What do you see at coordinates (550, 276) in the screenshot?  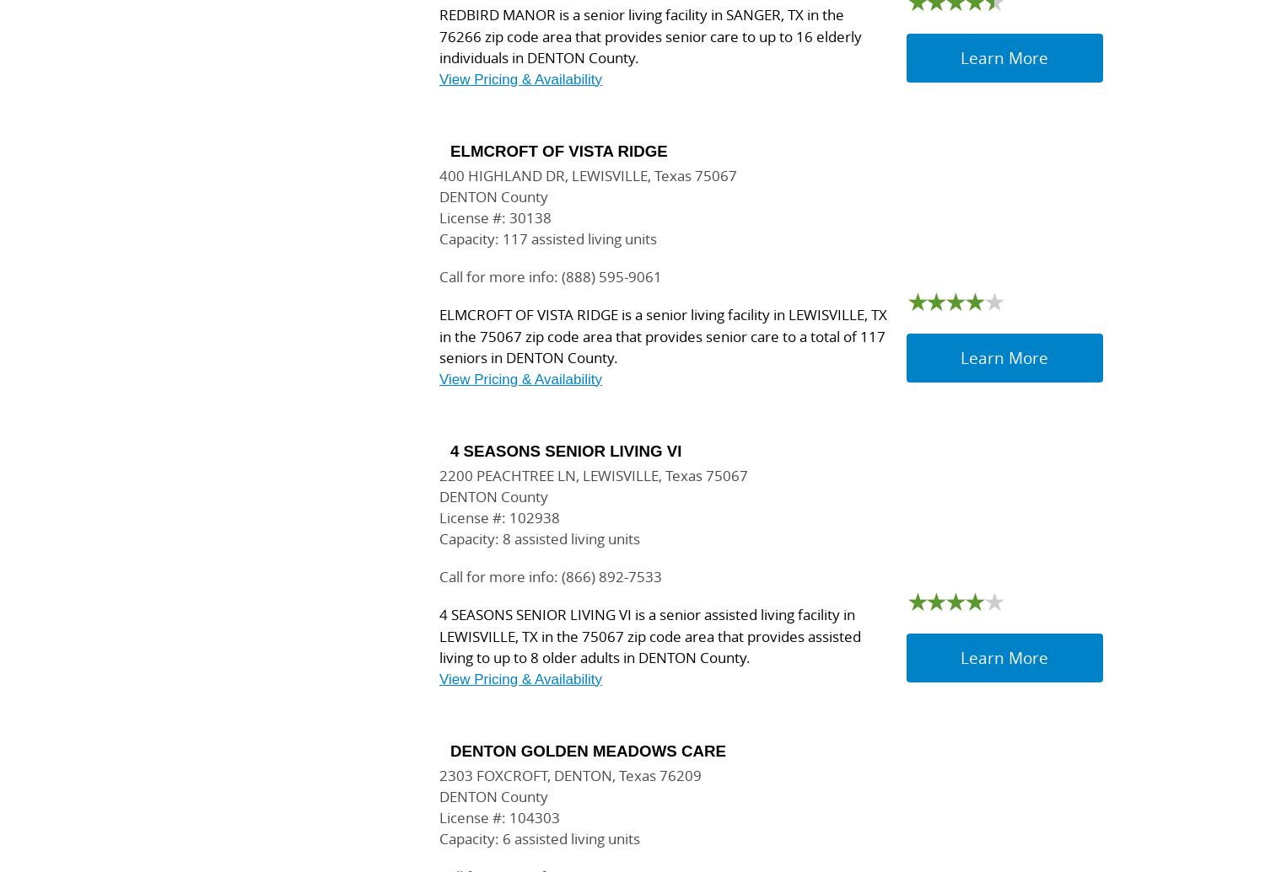 I see `'Call for more info: (888) 595-9061'` at bounding box center [550, 276].